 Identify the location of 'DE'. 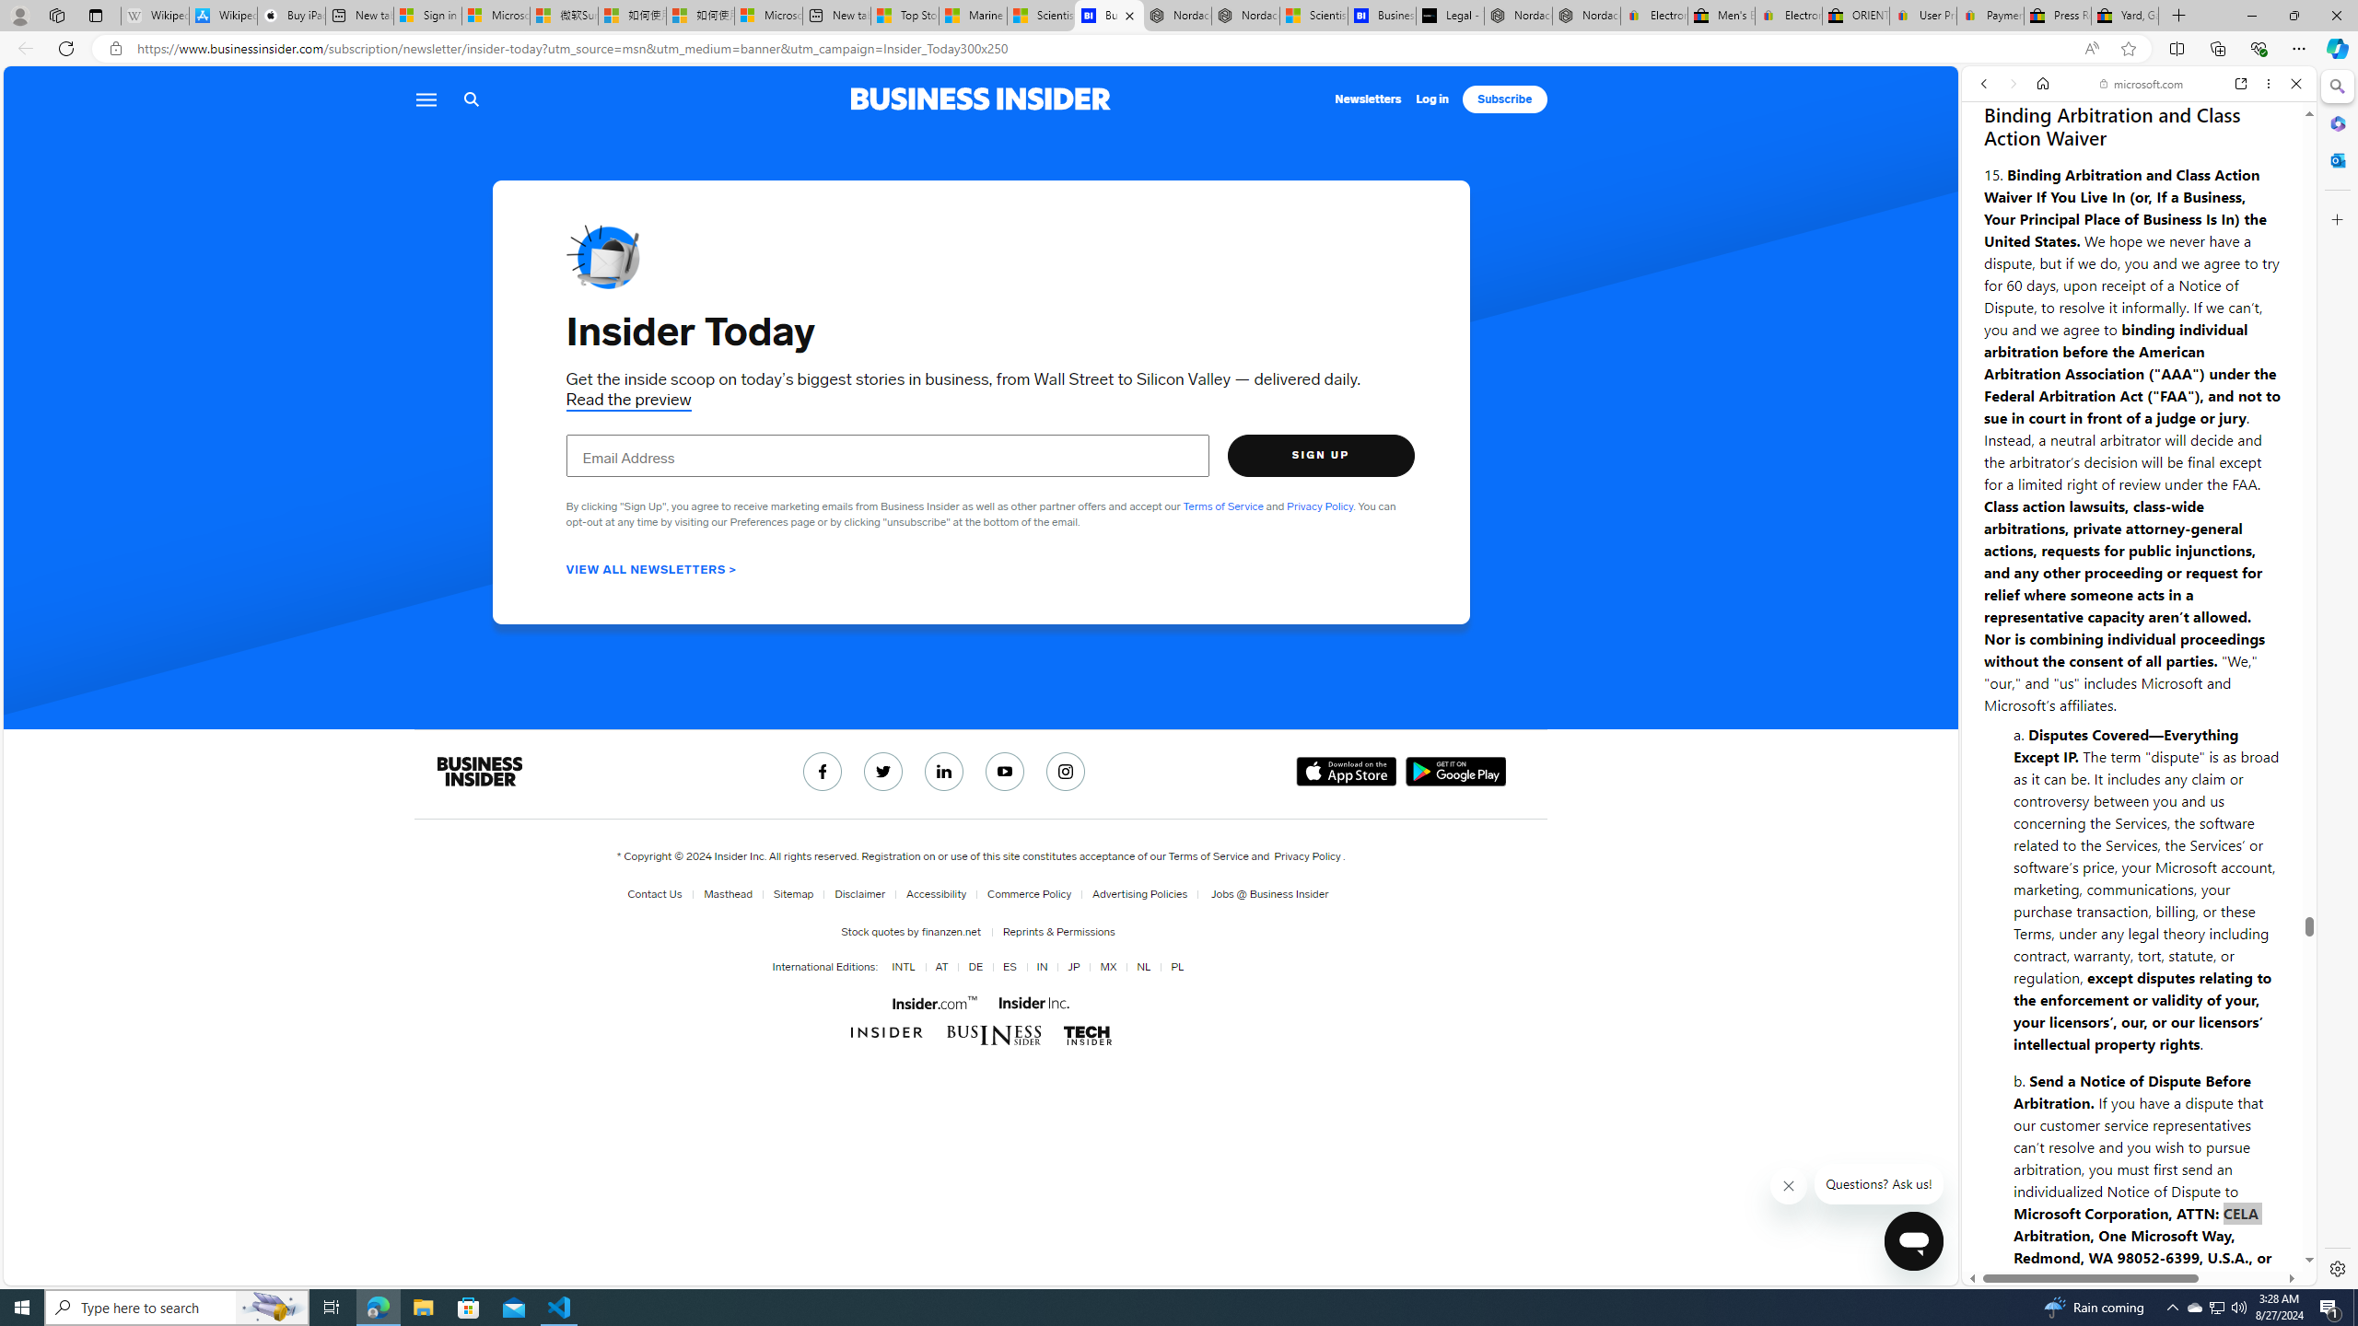
(972, 966).